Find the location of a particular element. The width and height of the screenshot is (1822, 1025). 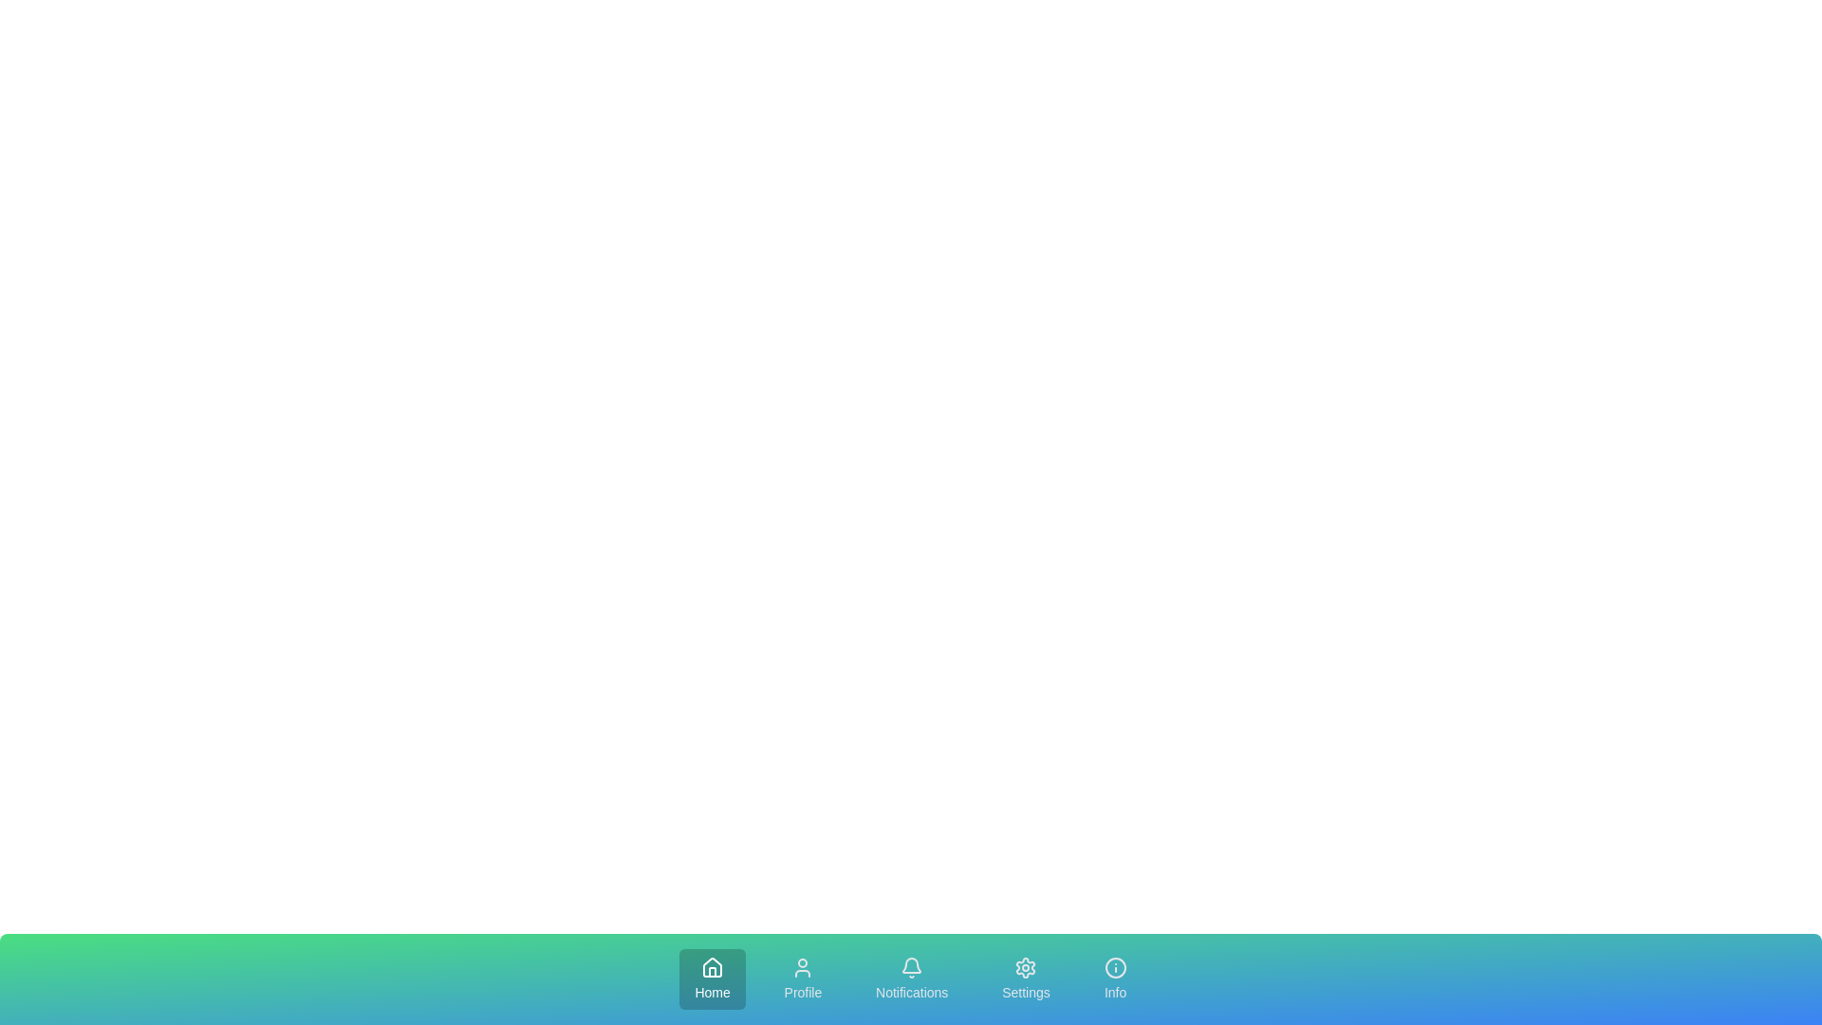

the Settings tab in the navigation bar is located at coordinates (1024, 979).